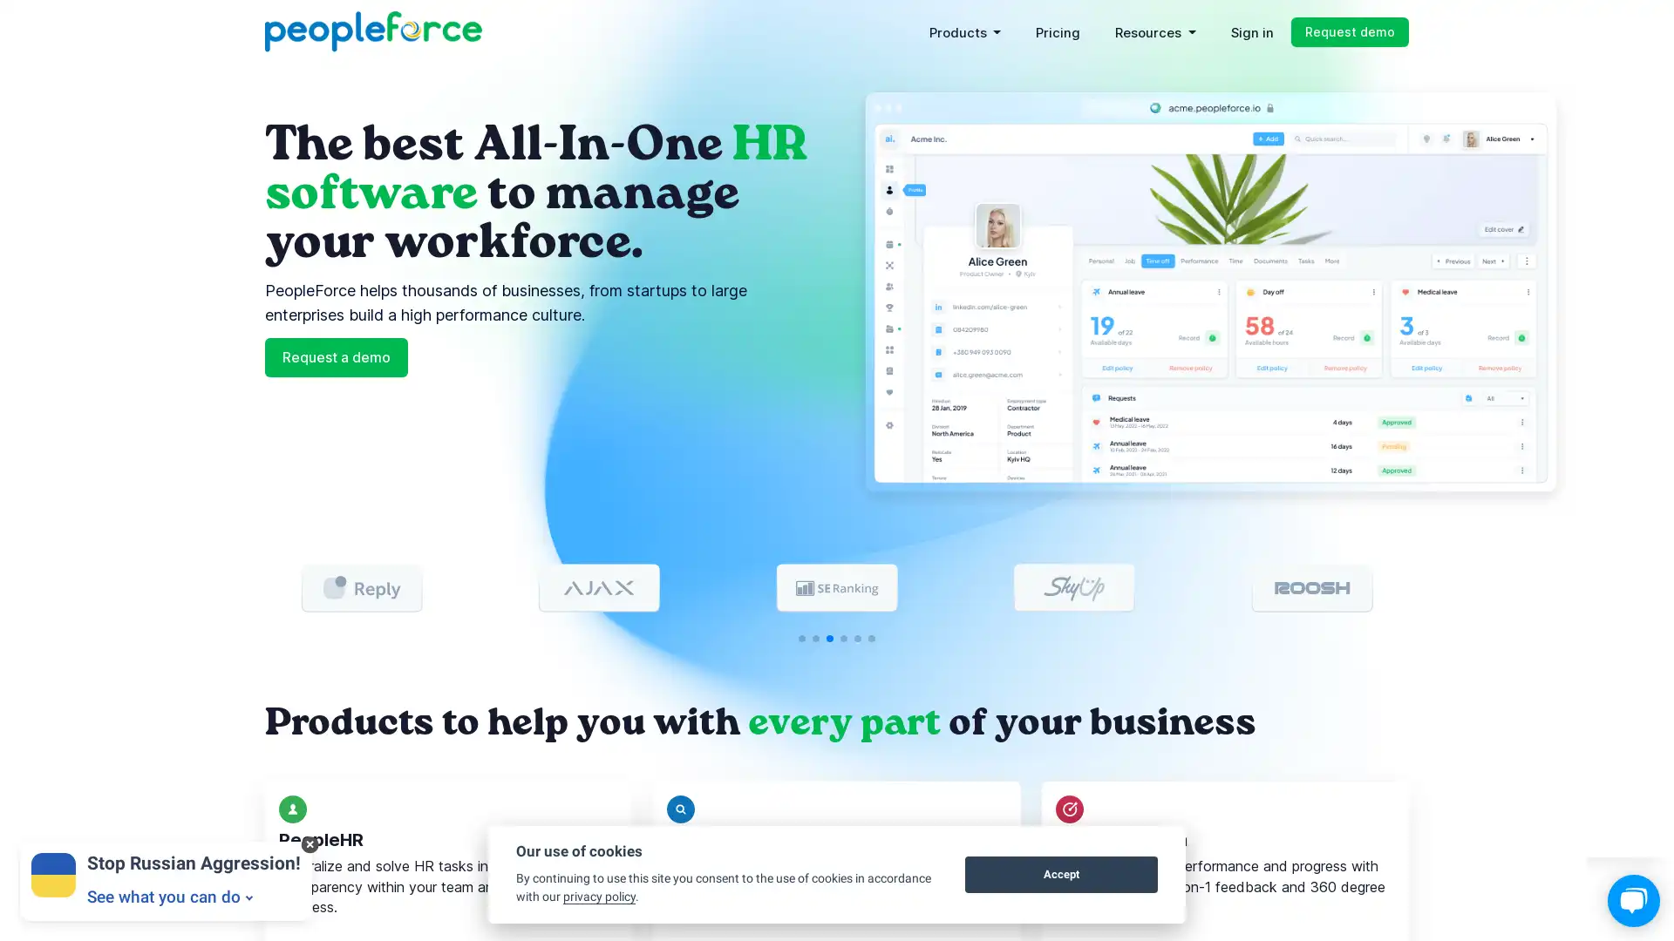 This screenshot has width=1674, height=941. Describe the element at coordinates (1060, 874) in the screenshot. I see `Accept` at that location.